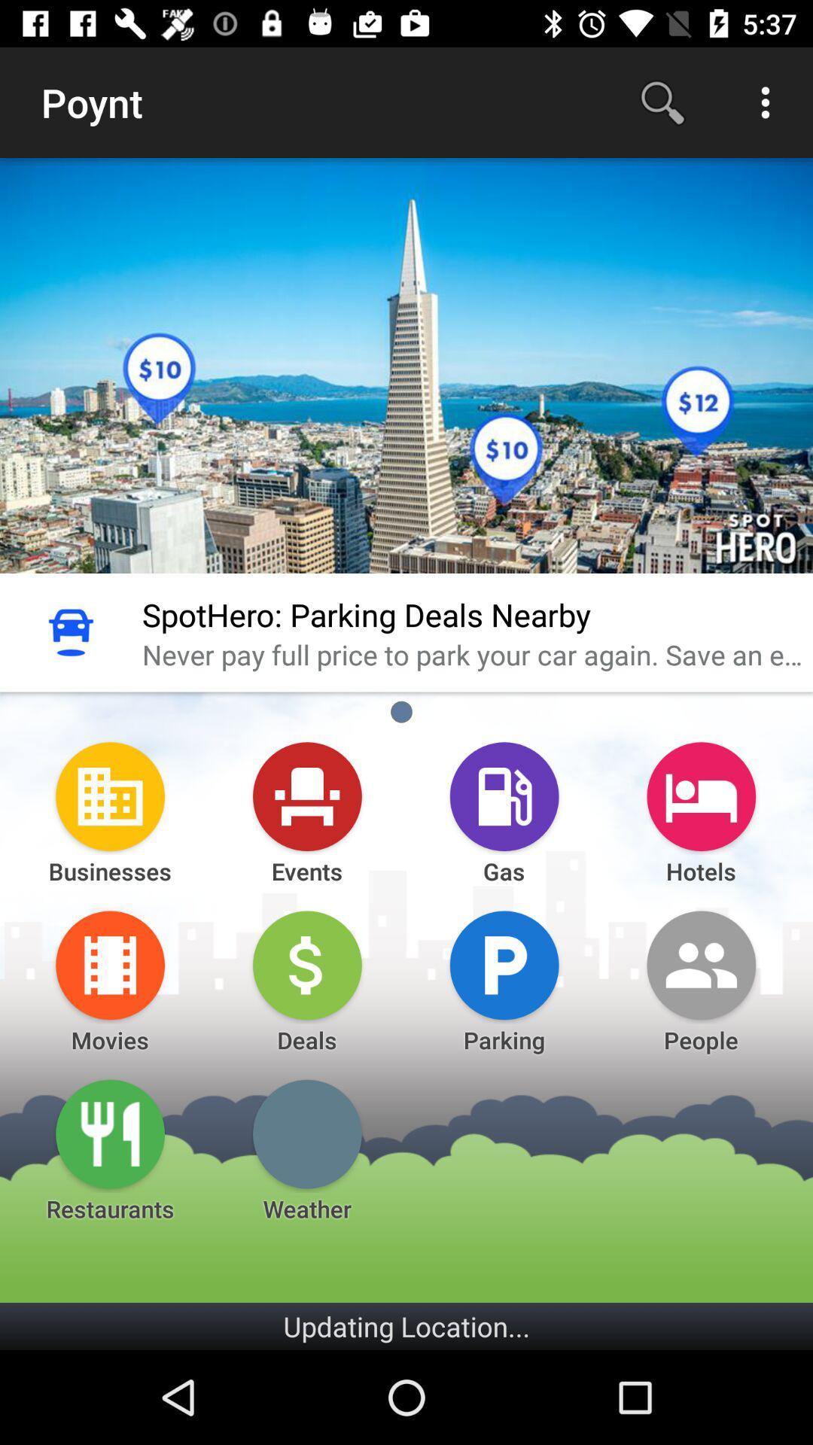 The image size is (813, 1445). What do you see at coordinates (702, 796) in the screenshot?
I see `hotel icon on the page` at bounding box center [702, 796].